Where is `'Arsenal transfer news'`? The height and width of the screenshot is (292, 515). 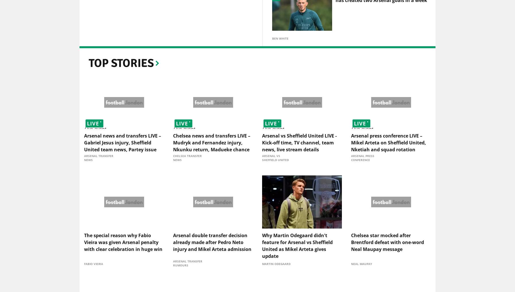
'Arsenal transfer news' is located at coordinates (84, 159).